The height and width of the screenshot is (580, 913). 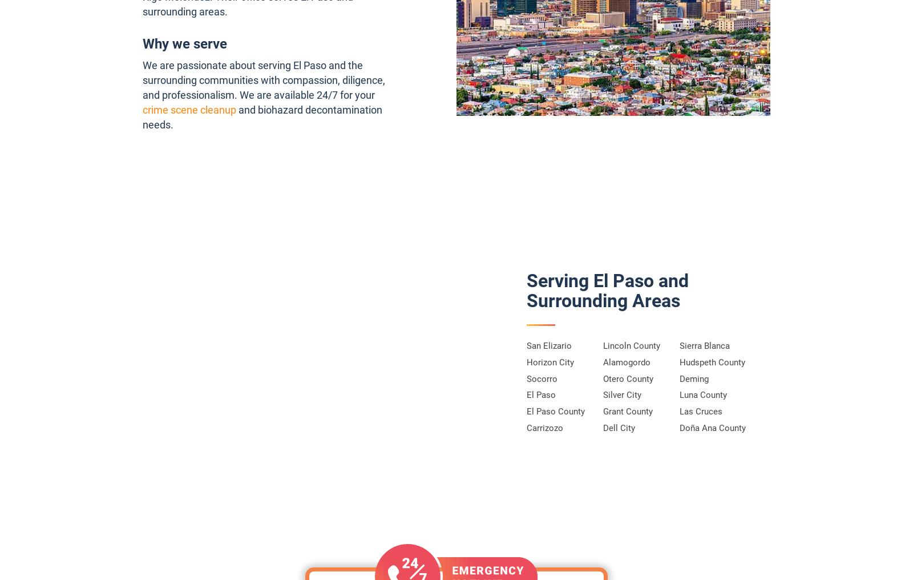 What do you see at coordinates (217, 65) in the screenshot?
I see `'We are passionate about serving'` at bounding box center [217, 65].